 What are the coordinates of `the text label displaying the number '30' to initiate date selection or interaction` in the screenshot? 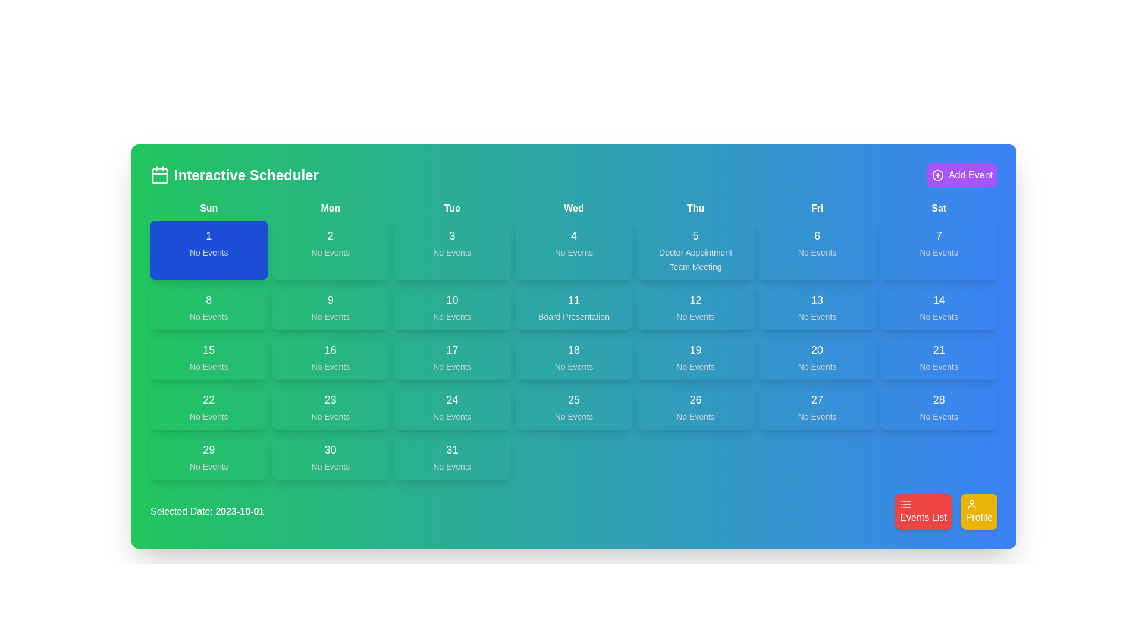 It's located at (330, 449).